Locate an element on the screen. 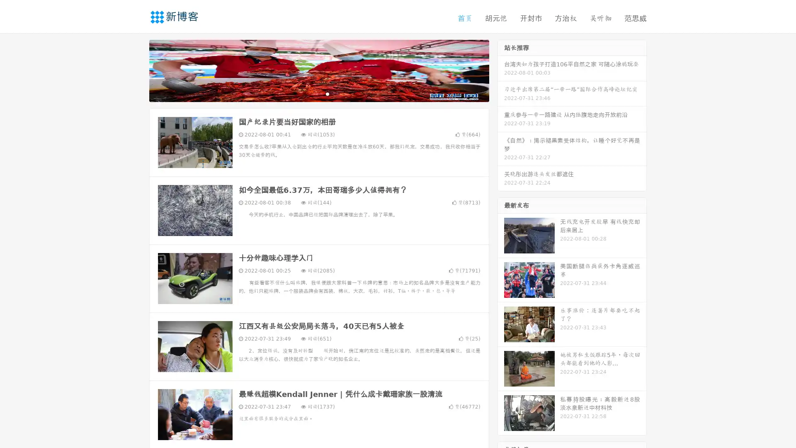  Go to slide 1 is located at coordinates (310, 93).